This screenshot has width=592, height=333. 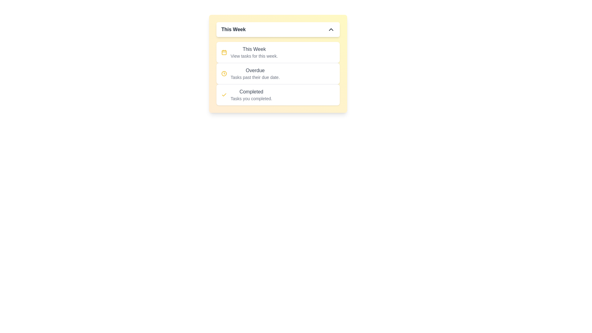 I want to click on the task category Completed to view its description, so click(x=251, y=92).